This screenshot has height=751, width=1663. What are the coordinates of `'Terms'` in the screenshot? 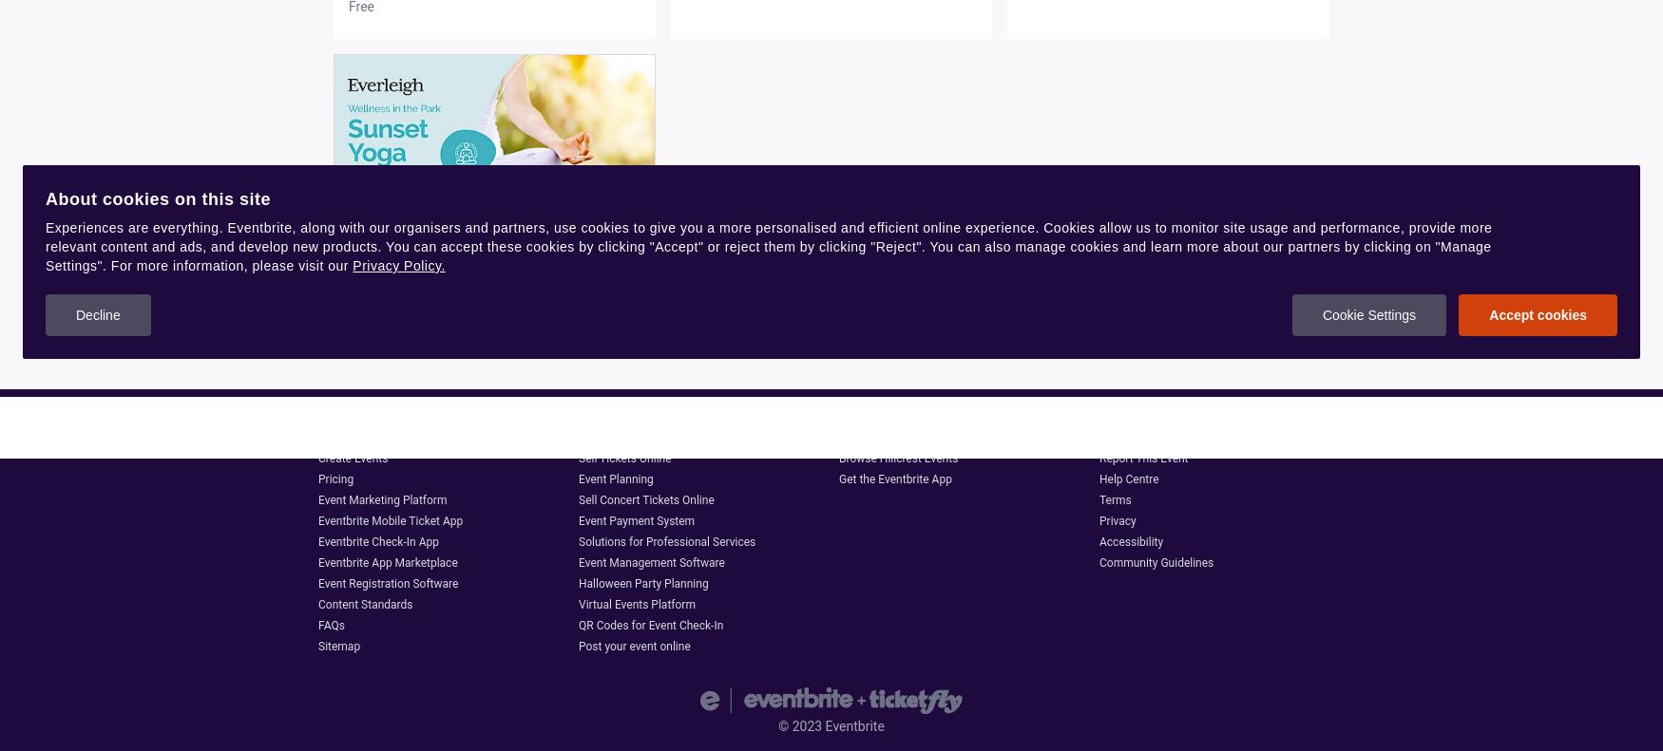 It's located at (1114, 499).